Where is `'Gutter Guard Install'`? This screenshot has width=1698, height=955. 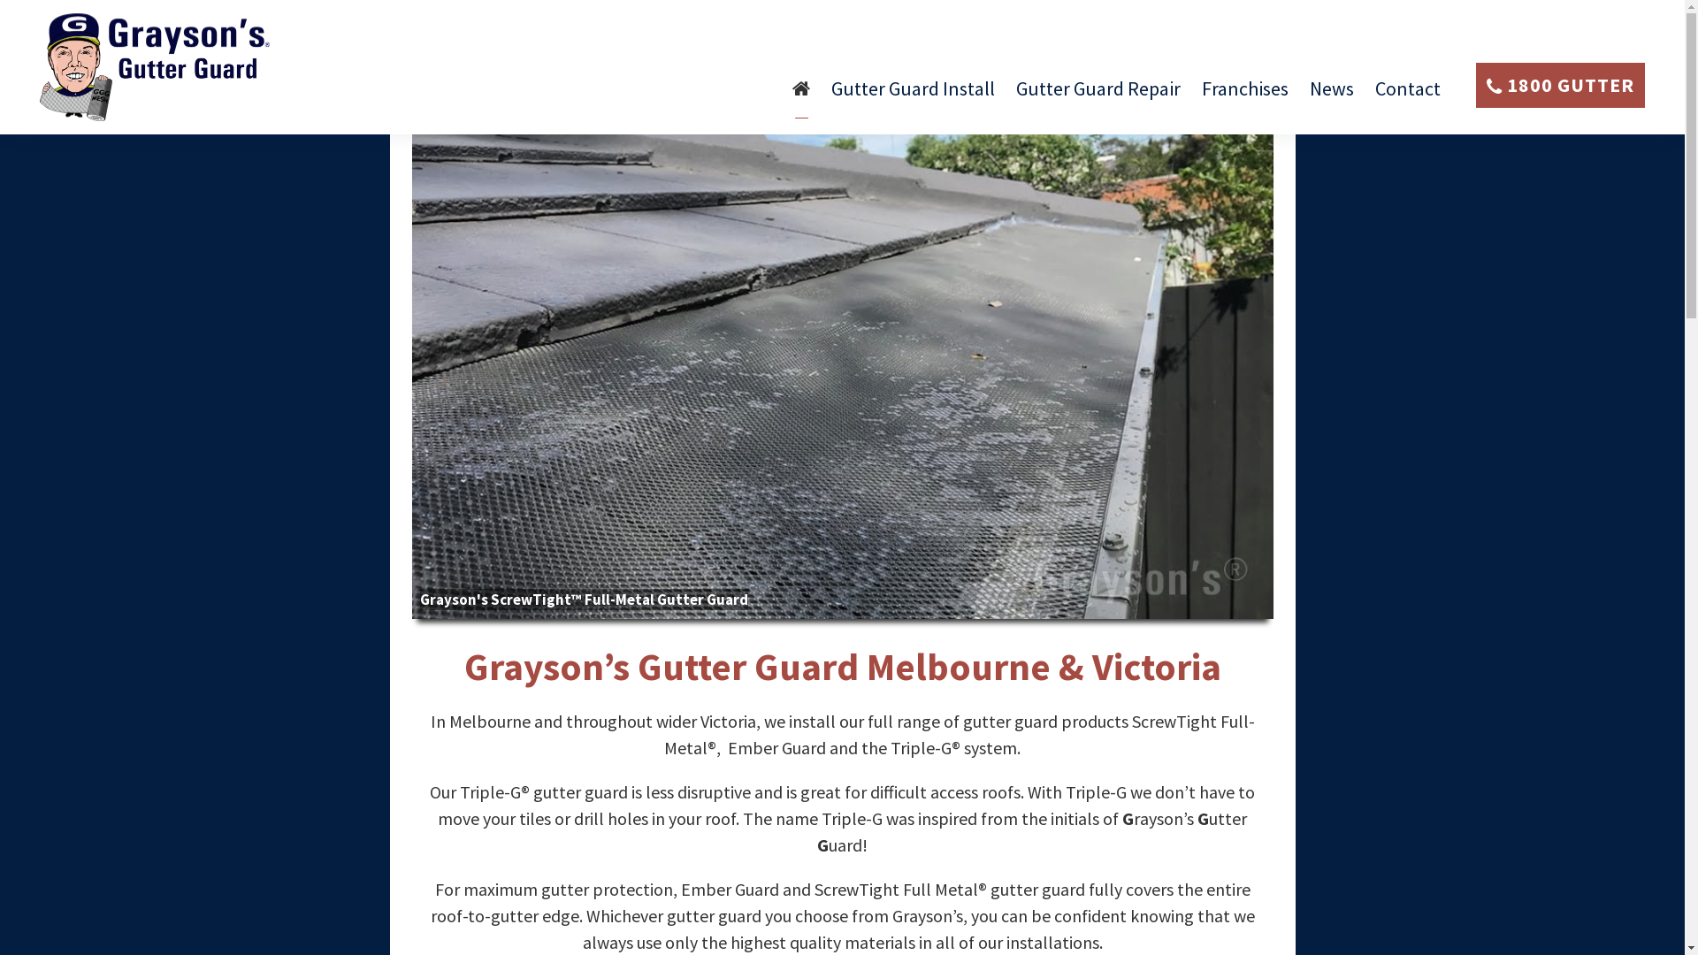 'Gutter Guard Install' is located at coordinates (830, 95).